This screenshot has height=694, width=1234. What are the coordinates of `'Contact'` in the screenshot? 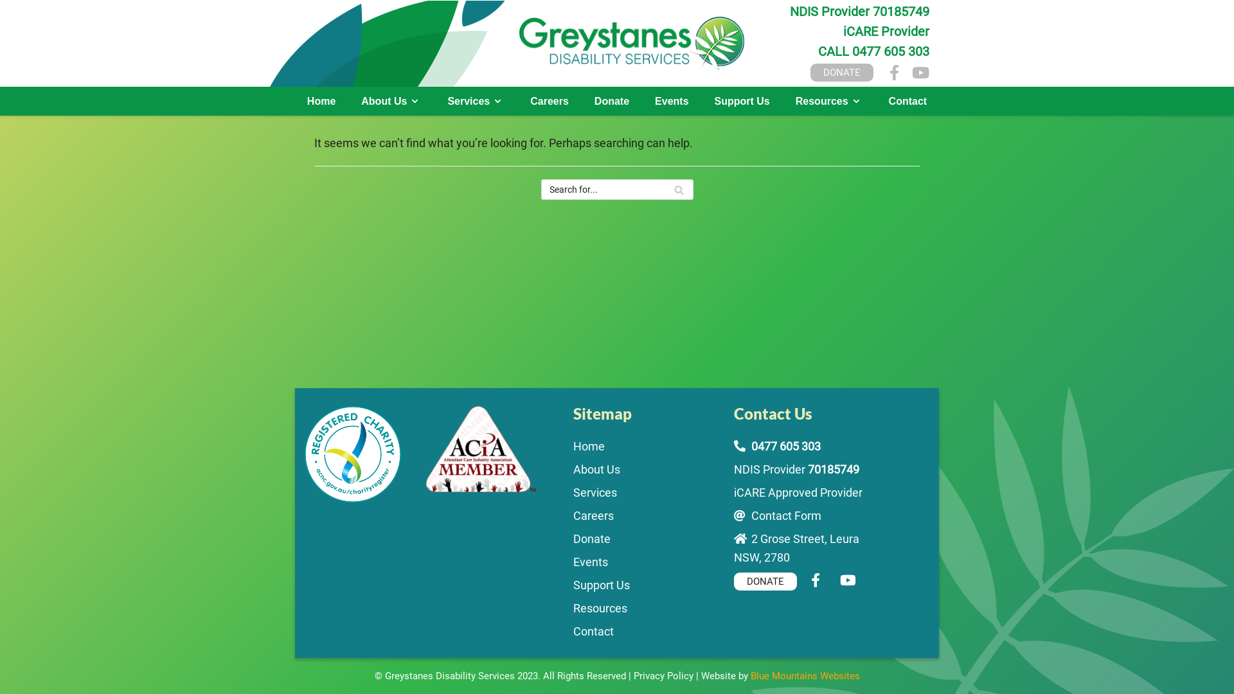 It's located at (907, 100).